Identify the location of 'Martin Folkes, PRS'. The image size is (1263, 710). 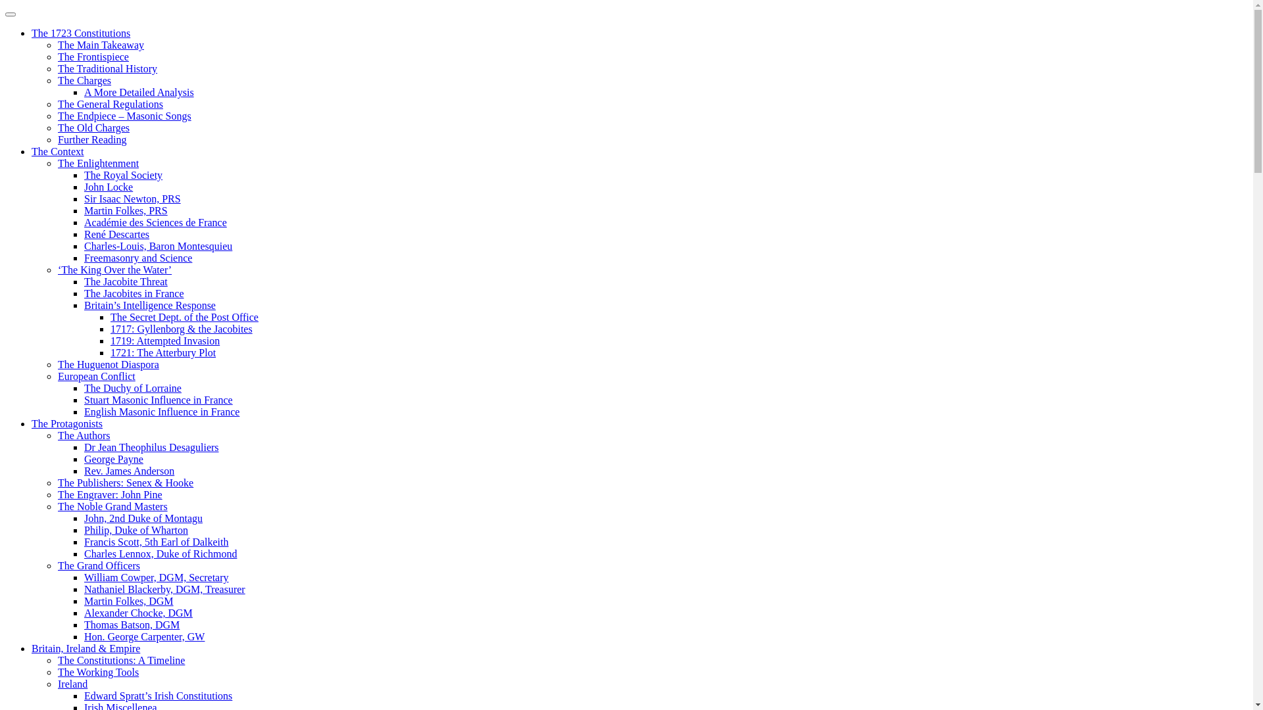
(84, 210).